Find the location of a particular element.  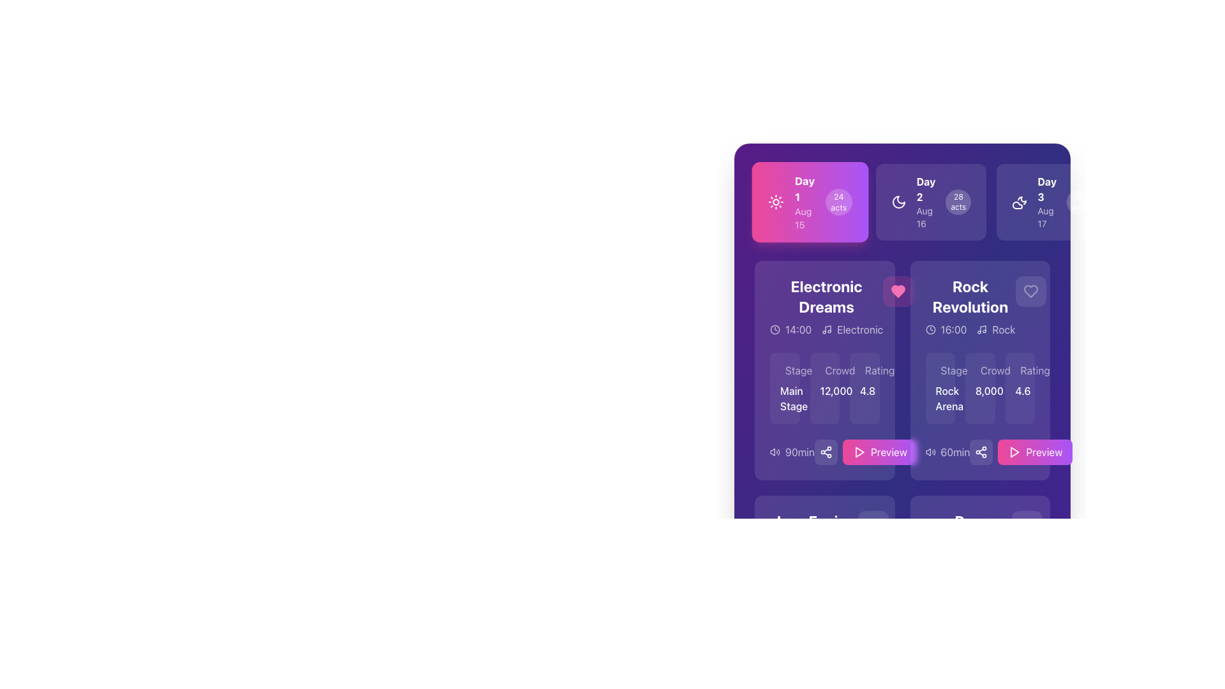

the 'Day 3' button, which is the third button in a sequence of similar buttons arranged horizontally is located at coordinates (1052, 201).